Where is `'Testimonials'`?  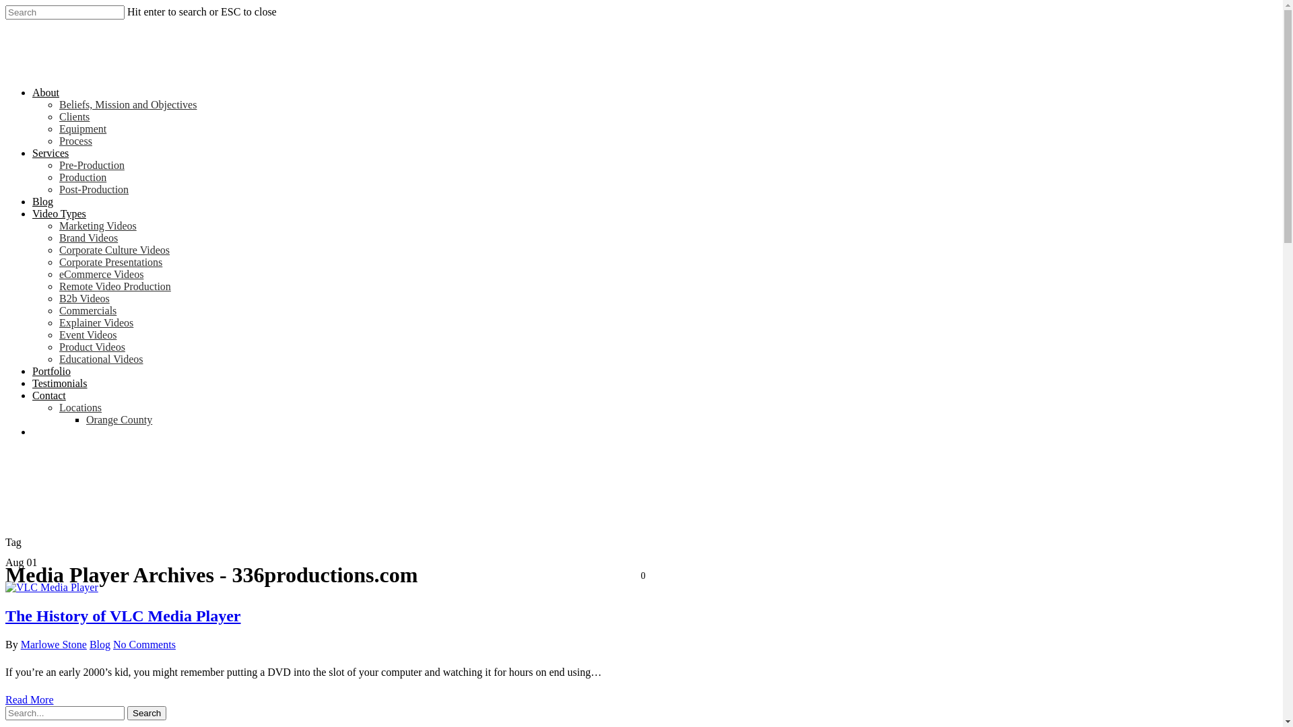
'Testimonials' is located at coordinates (59, 383).